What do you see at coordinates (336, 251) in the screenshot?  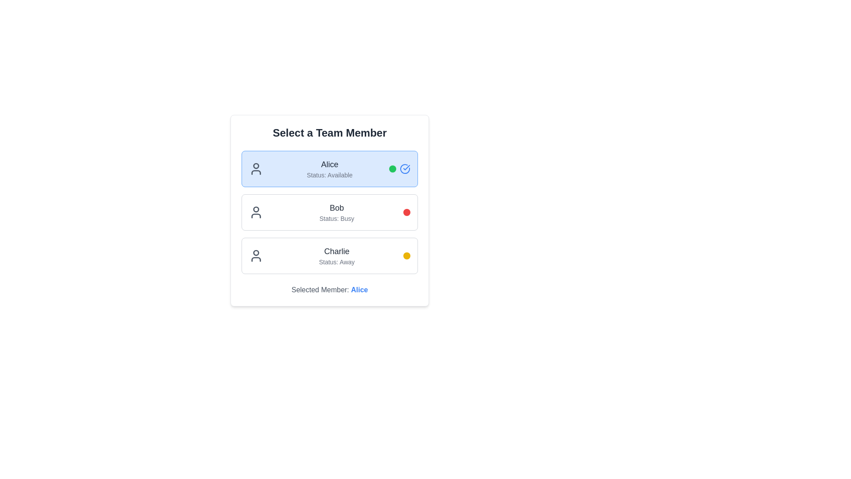 I see `the text label identifying the team member, which is located above the 'Status: Away' label` at bounding box center [336, 251].